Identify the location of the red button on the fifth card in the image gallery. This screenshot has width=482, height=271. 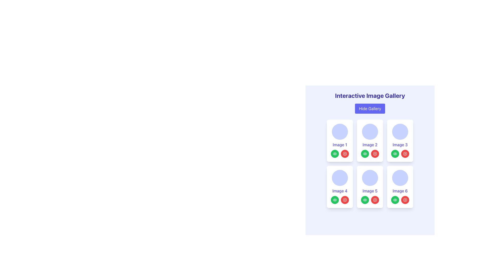
(370, 187).